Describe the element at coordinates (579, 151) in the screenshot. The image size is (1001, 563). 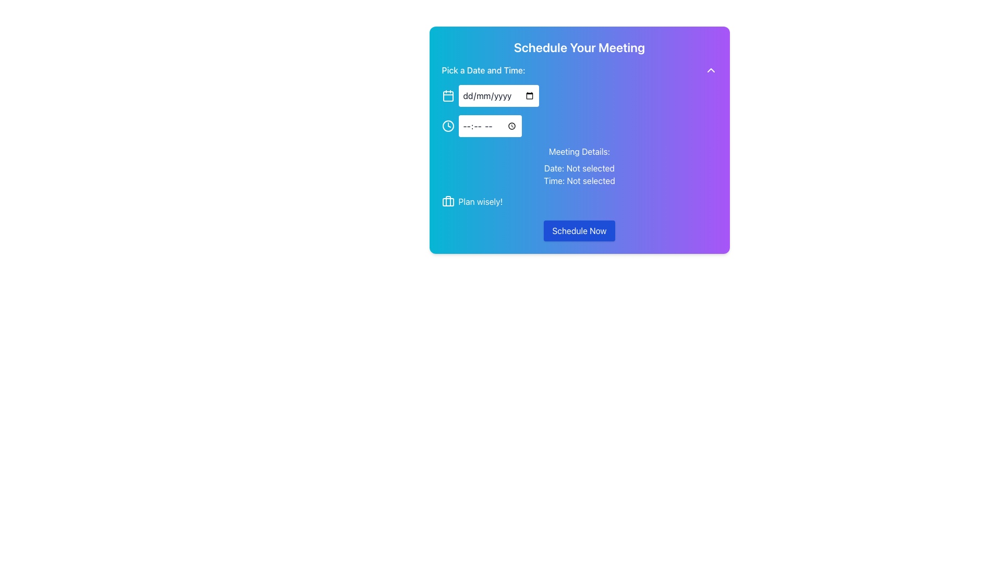
I see `the text label that serves as the heading for the meeting details, positioned above the 'Date: Not selected' text` at that location.